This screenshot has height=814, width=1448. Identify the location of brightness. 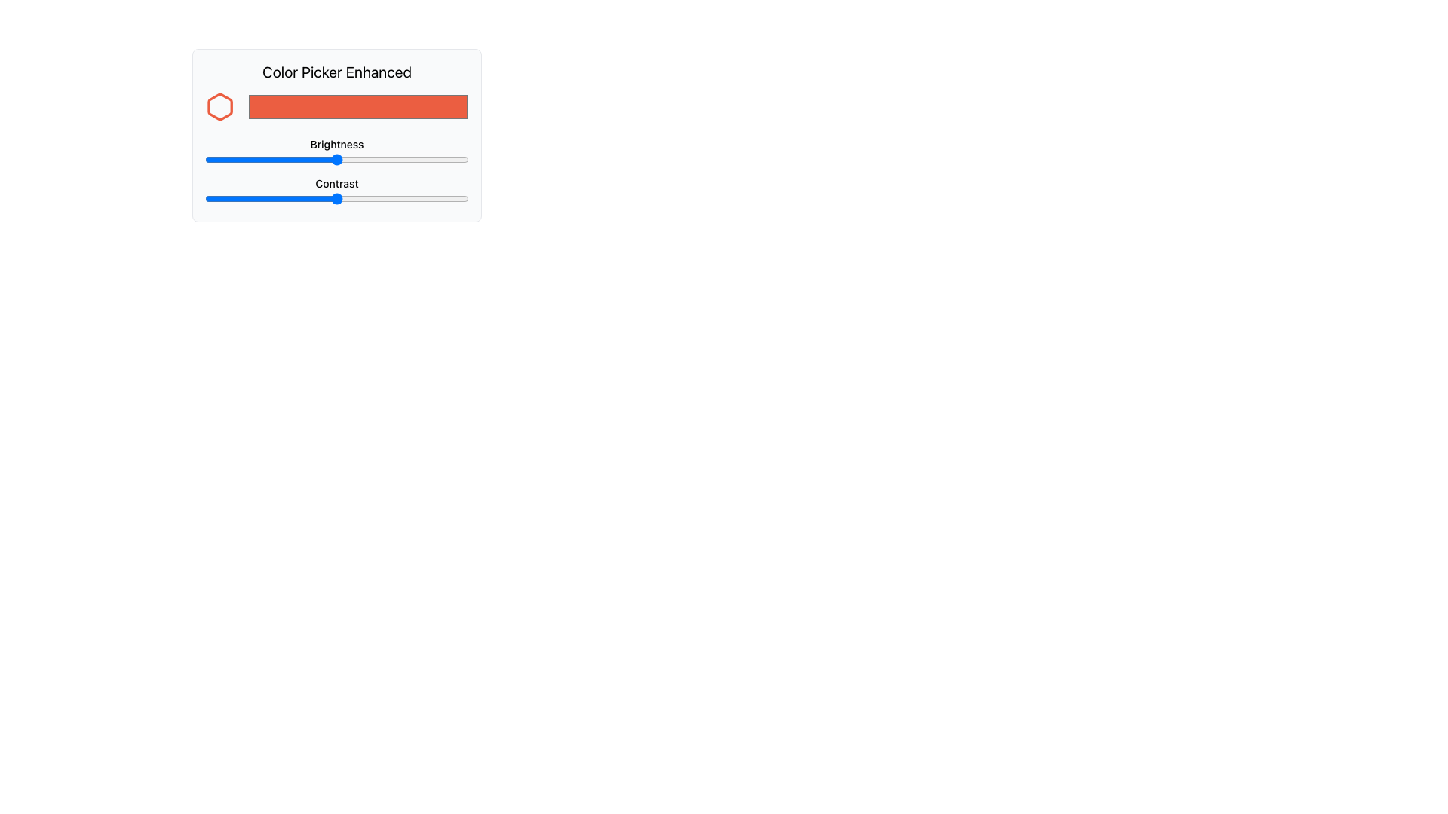
(233, 160).